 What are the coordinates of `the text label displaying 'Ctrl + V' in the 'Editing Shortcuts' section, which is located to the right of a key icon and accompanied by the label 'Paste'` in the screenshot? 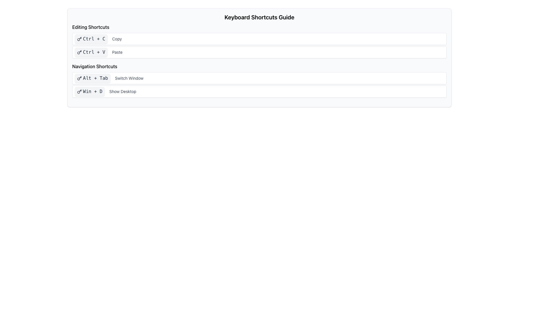 It's located at (94, 52).